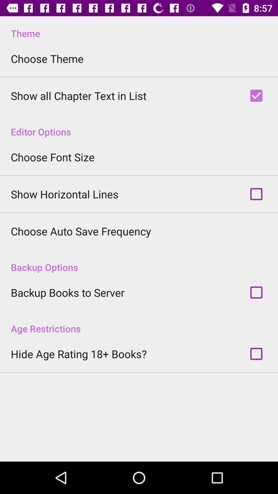 The image size is (278, 494). What do you see at coordinates (53, 157) in the screenshot?
I see `the item below editor options` at bounding box center [53, 157].